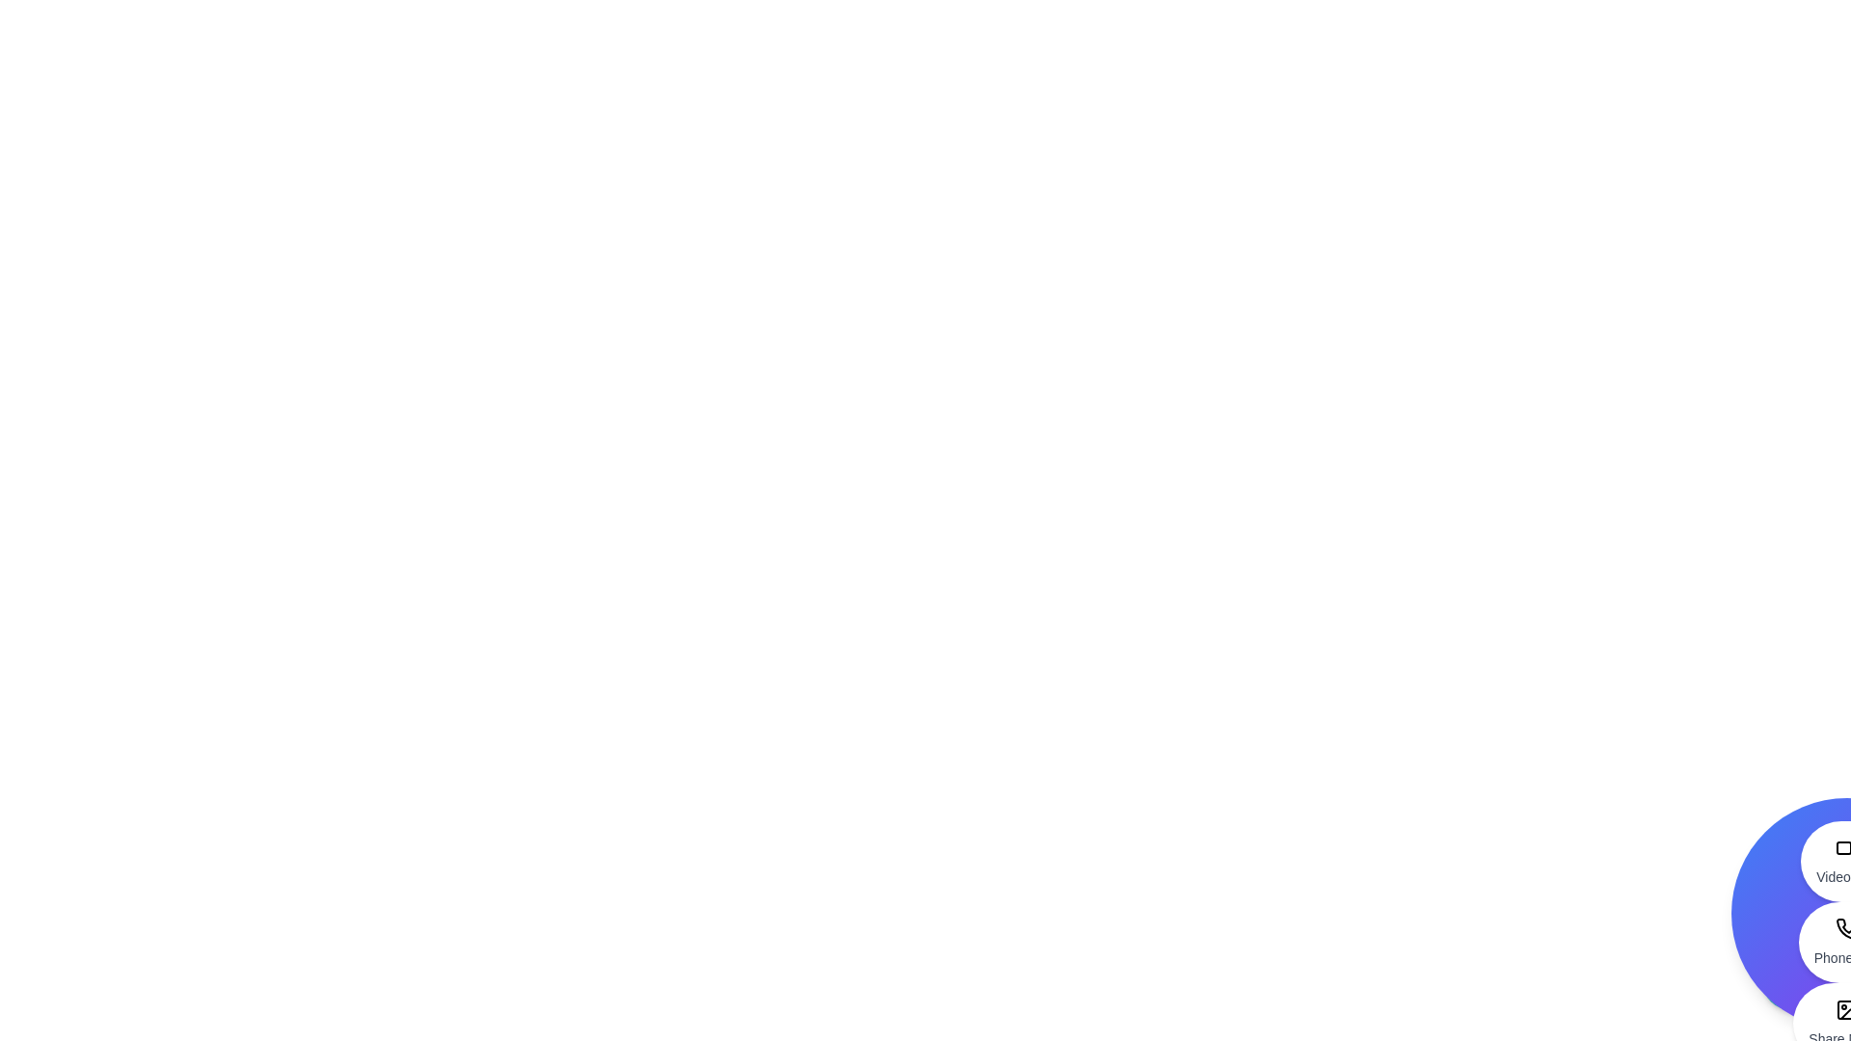 Image resolution: width=1851 pixels, height=1041 pixels. I want to click on the 'Share Media' button to initiate media sharing, so click(1845, 1022).